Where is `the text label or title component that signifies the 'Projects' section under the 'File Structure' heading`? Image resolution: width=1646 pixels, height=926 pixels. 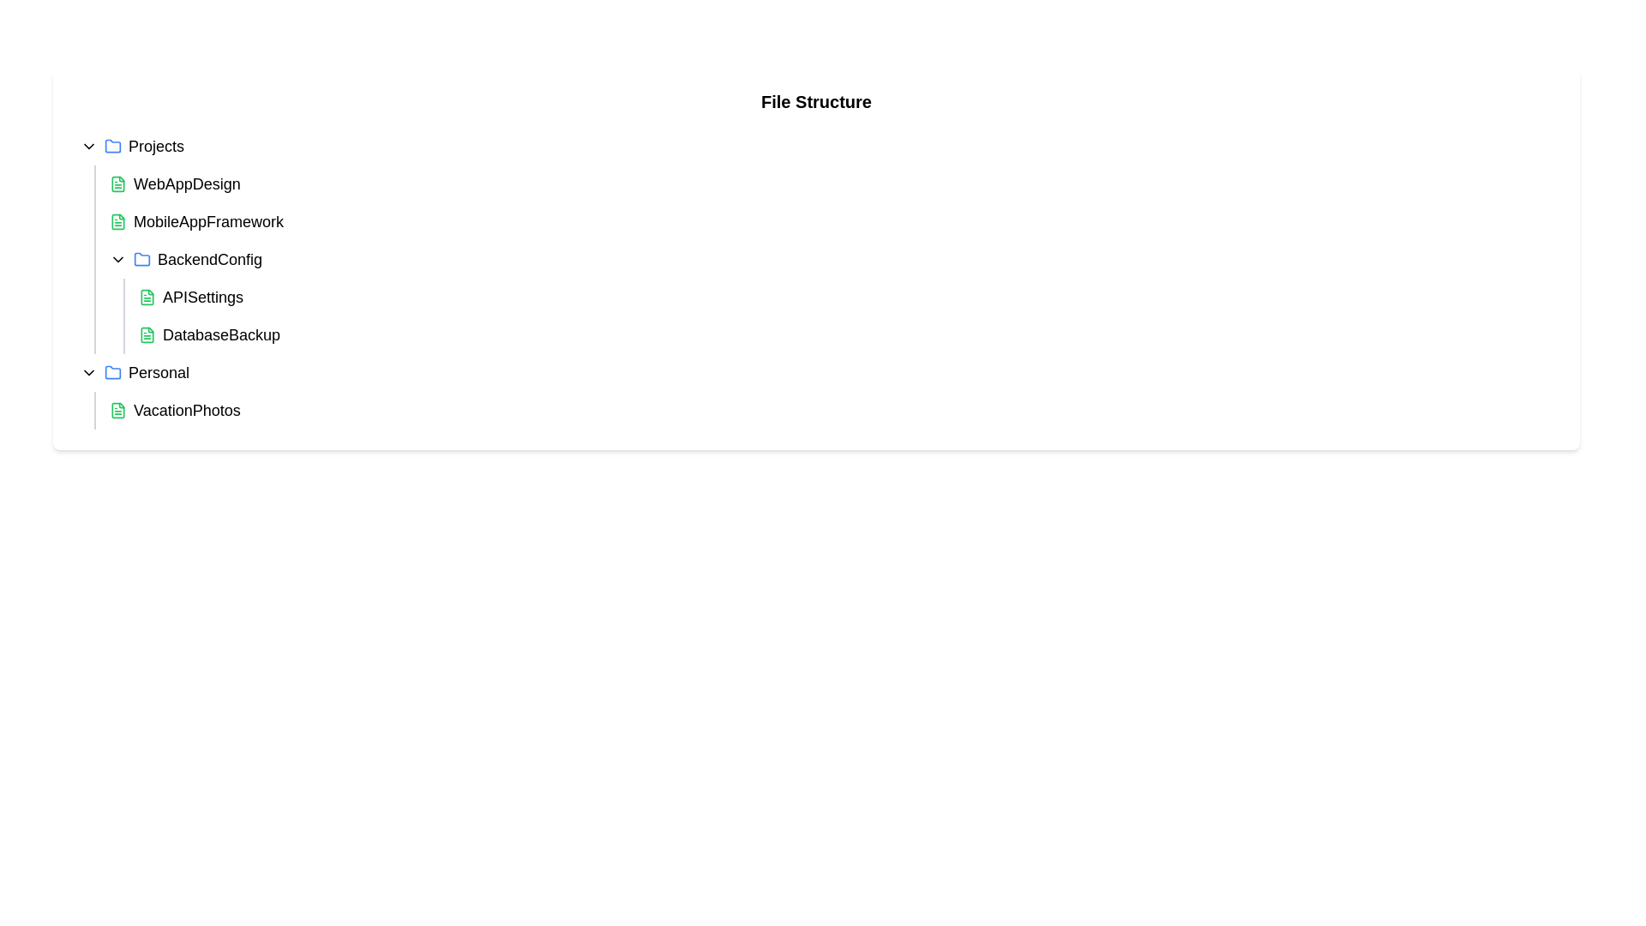 the text label or title component that signifies the 'Projects' section under the 'File Structure' heading is located at coordinates (156, 145).